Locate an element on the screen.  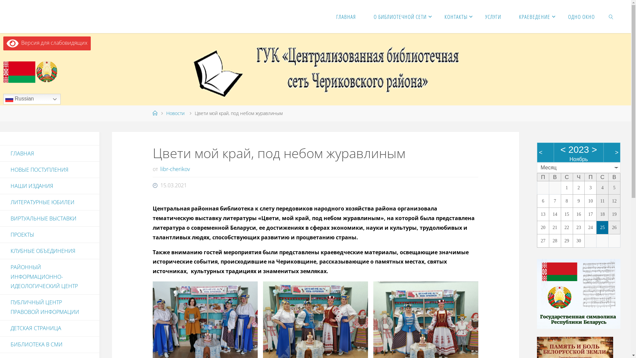
'>' is located at coordinates (616, 152).